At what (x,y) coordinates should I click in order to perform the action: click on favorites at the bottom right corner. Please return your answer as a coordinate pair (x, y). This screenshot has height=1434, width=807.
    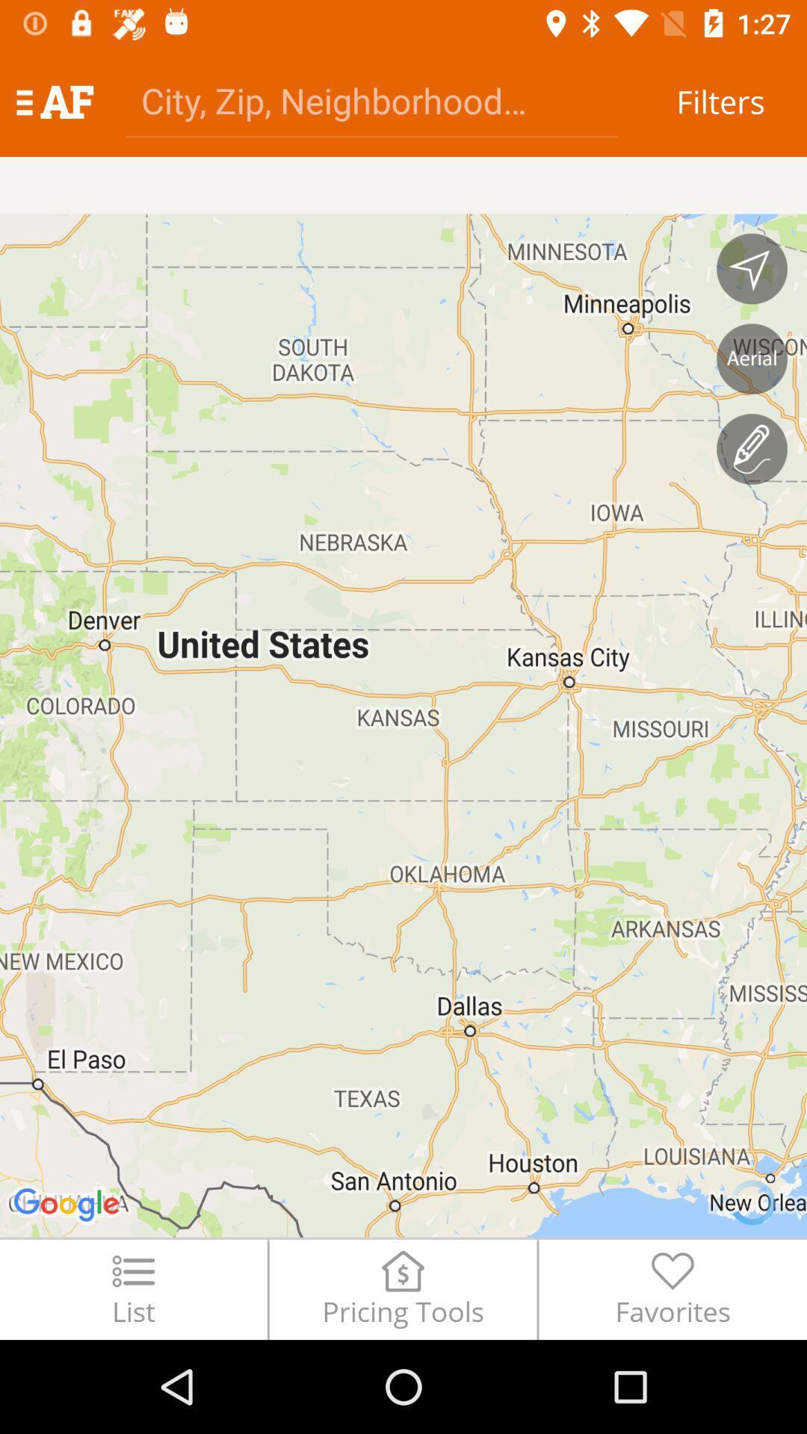
    Looking at the image, I should click on (672, 1288).